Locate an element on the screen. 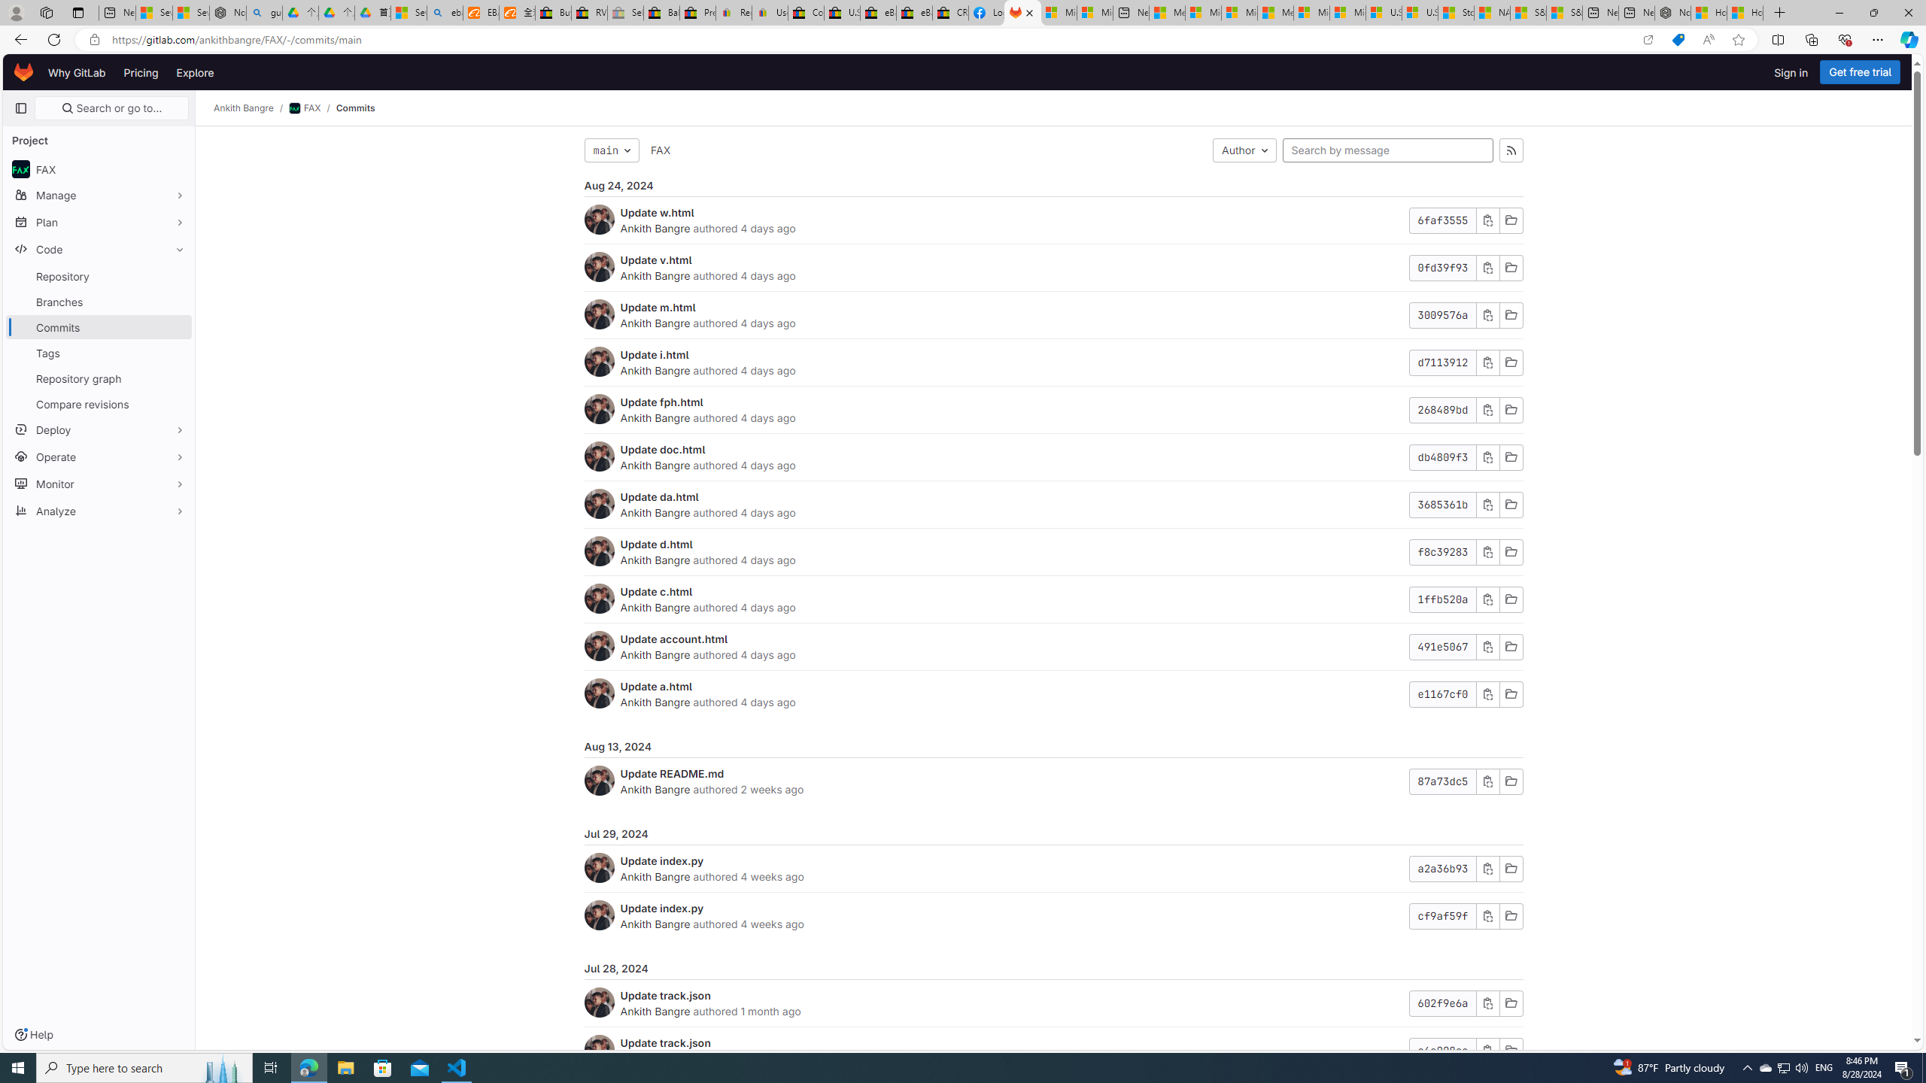 This screenshot has width=1926, height=1083. 'Update w.htmlAnkith Bangre authored 4 days ago6faf3555' is located at coordinates (1053, 220).